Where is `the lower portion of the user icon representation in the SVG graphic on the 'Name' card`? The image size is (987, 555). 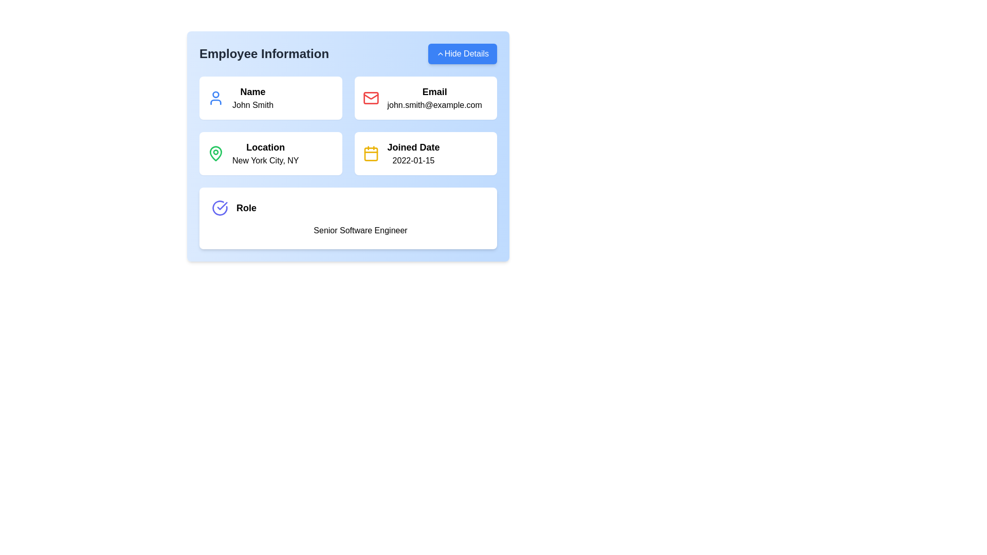 the lower portion of the user icon representation in the SVG graphic on the 'Name' card is located at coordinates (215, 102).